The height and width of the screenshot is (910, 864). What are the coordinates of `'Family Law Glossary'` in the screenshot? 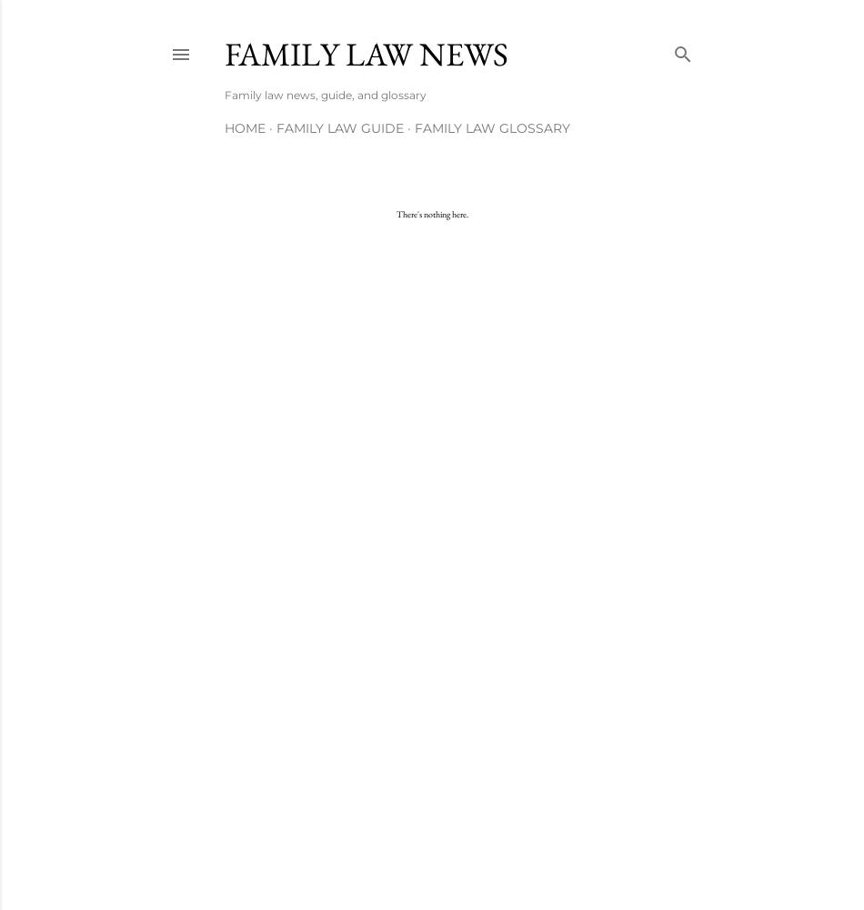 It's located at (492, 128).